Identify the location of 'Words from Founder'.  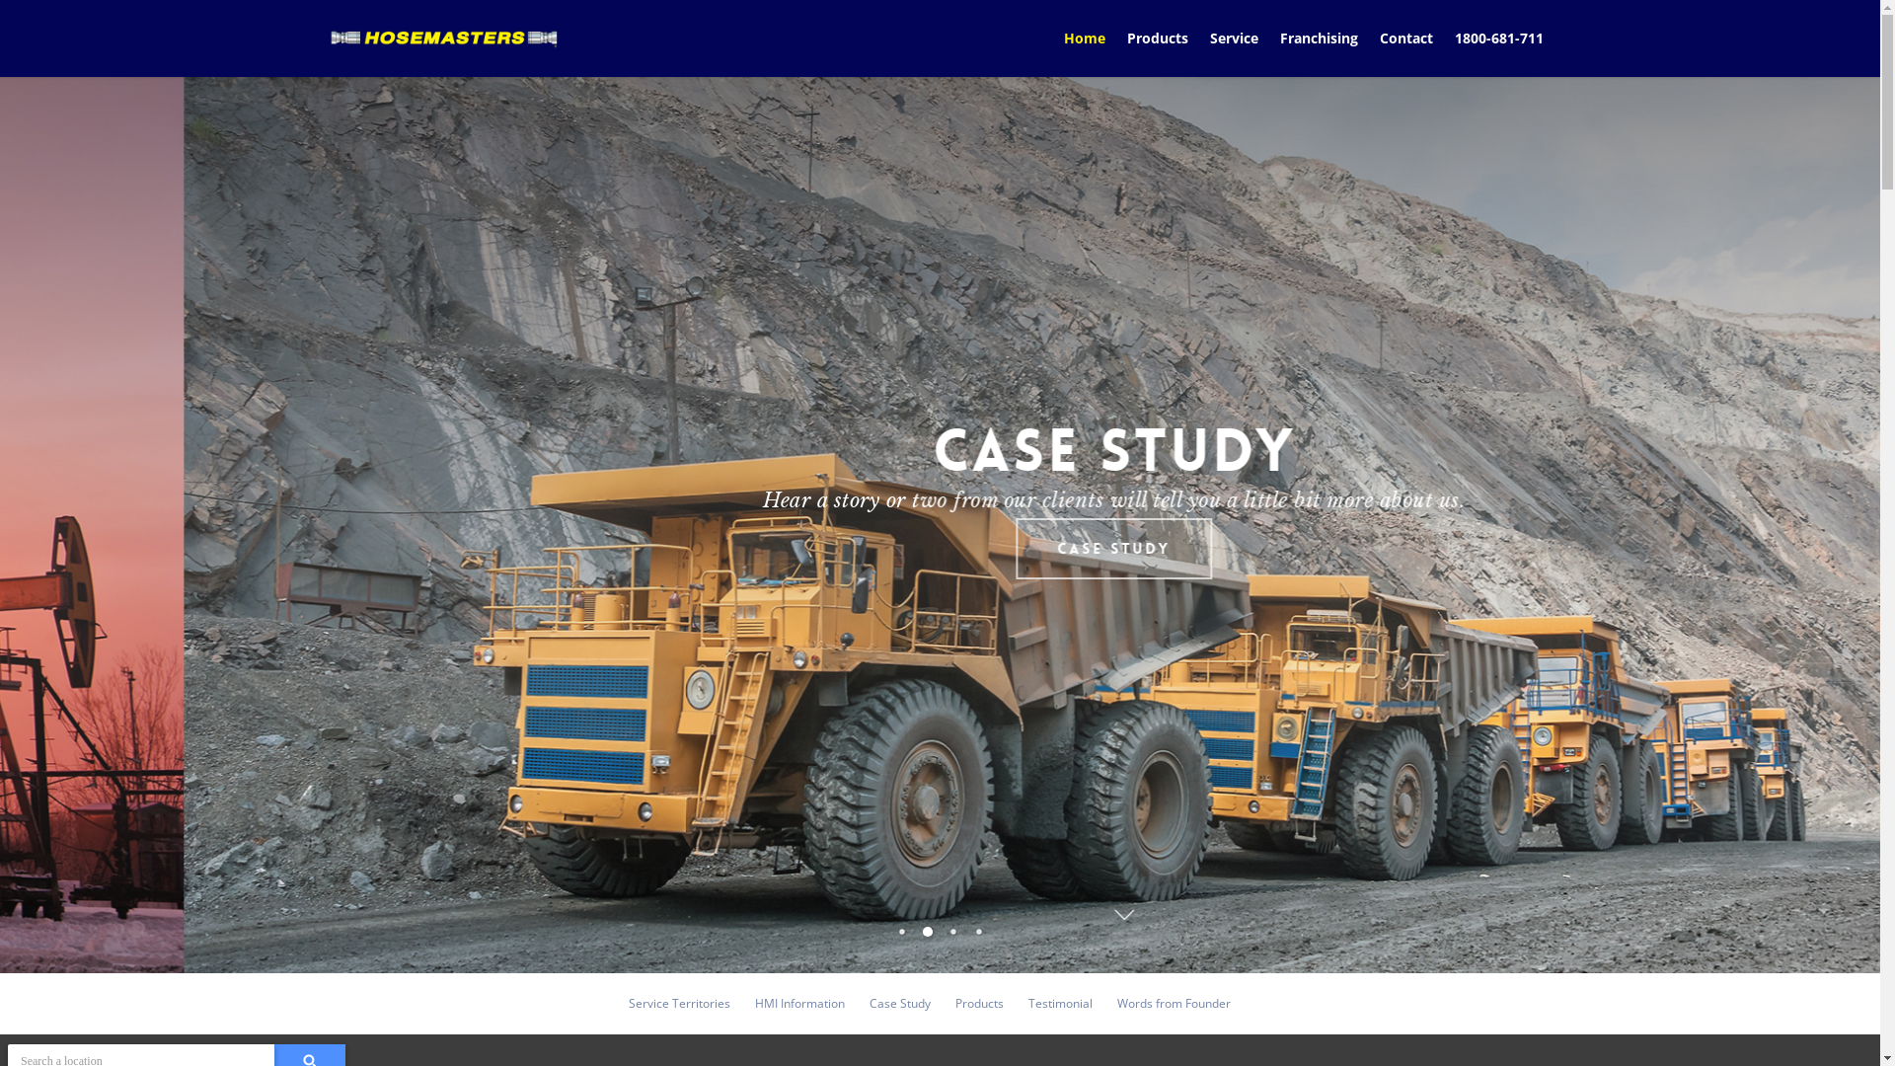
(1174, 1004).